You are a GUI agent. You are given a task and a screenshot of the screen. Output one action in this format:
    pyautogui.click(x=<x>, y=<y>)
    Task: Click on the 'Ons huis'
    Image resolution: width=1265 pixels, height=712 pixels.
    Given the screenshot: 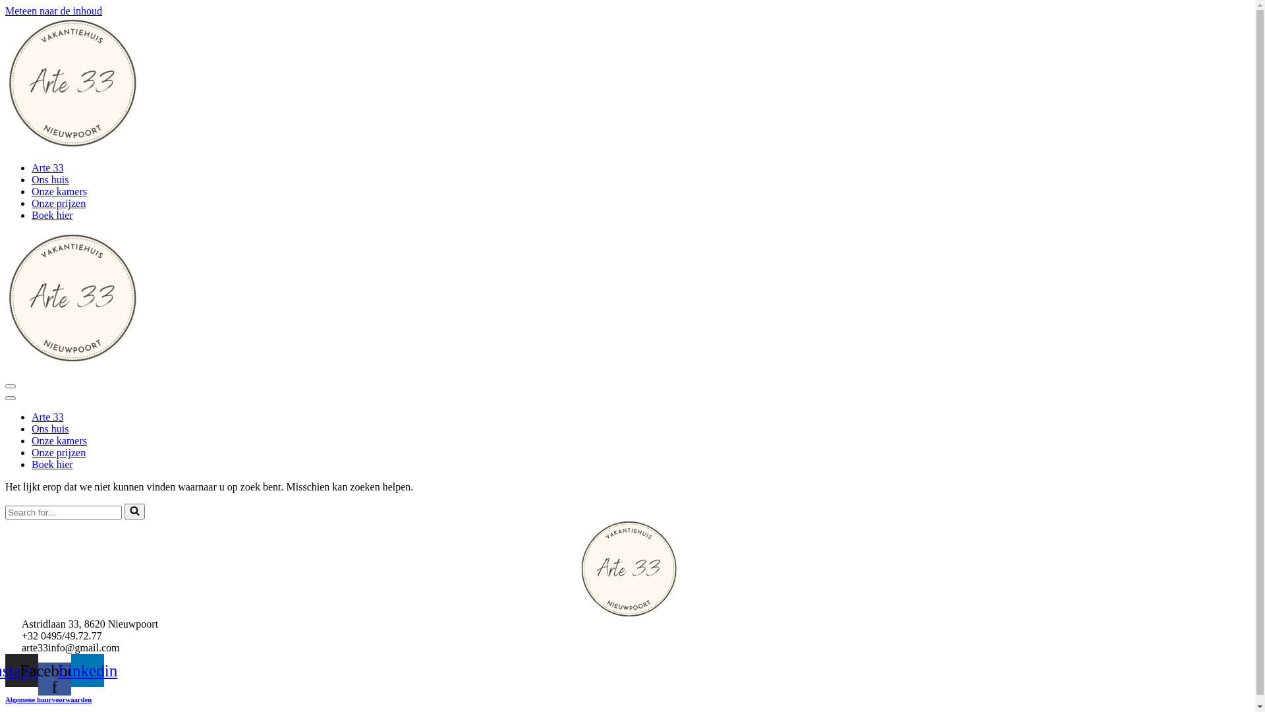 What is the action you would take?
    pyautogui.click(x=50, y=429)
    